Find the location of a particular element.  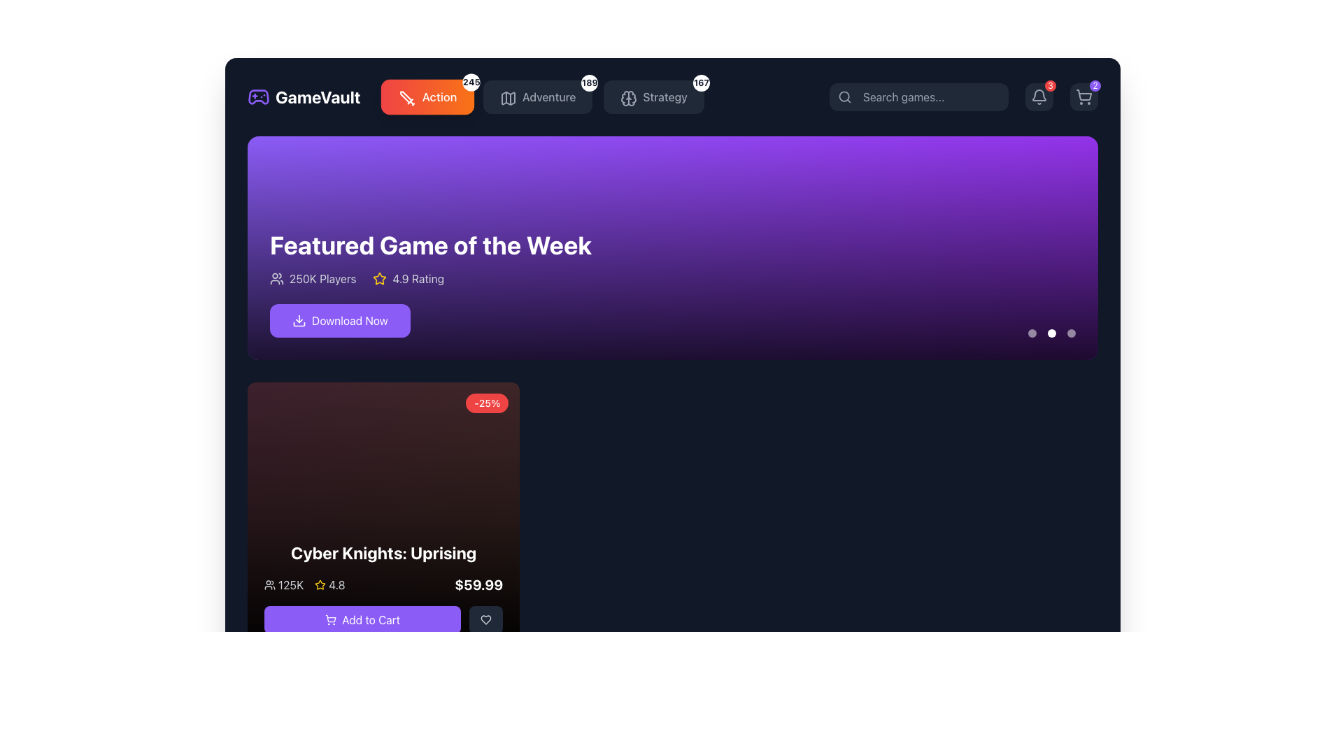

the 'Adventure' button is located at coordinates (506, 96).